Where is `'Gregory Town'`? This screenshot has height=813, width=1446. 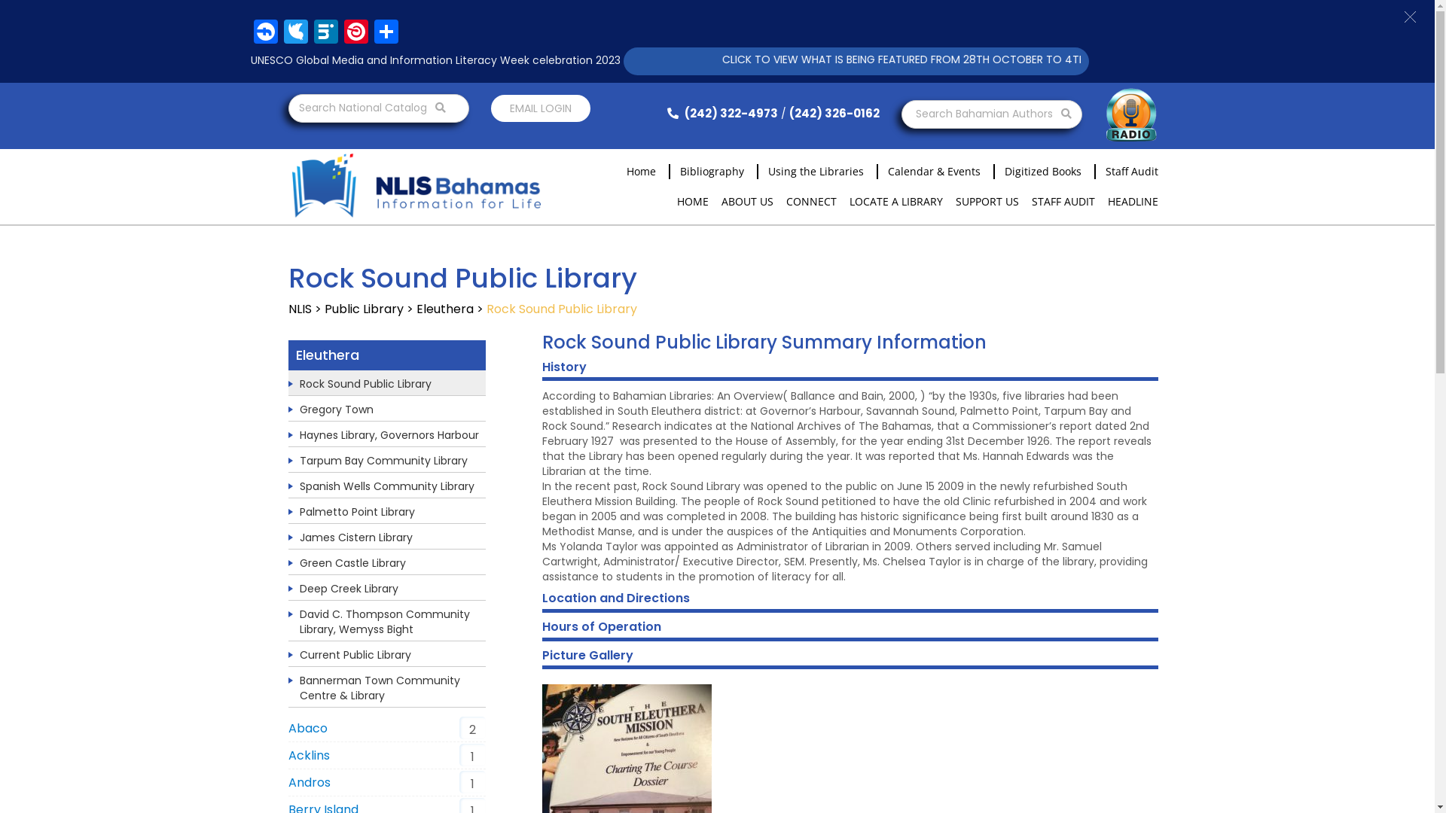 'Gregory Town' is located at coordinates (335, 409).